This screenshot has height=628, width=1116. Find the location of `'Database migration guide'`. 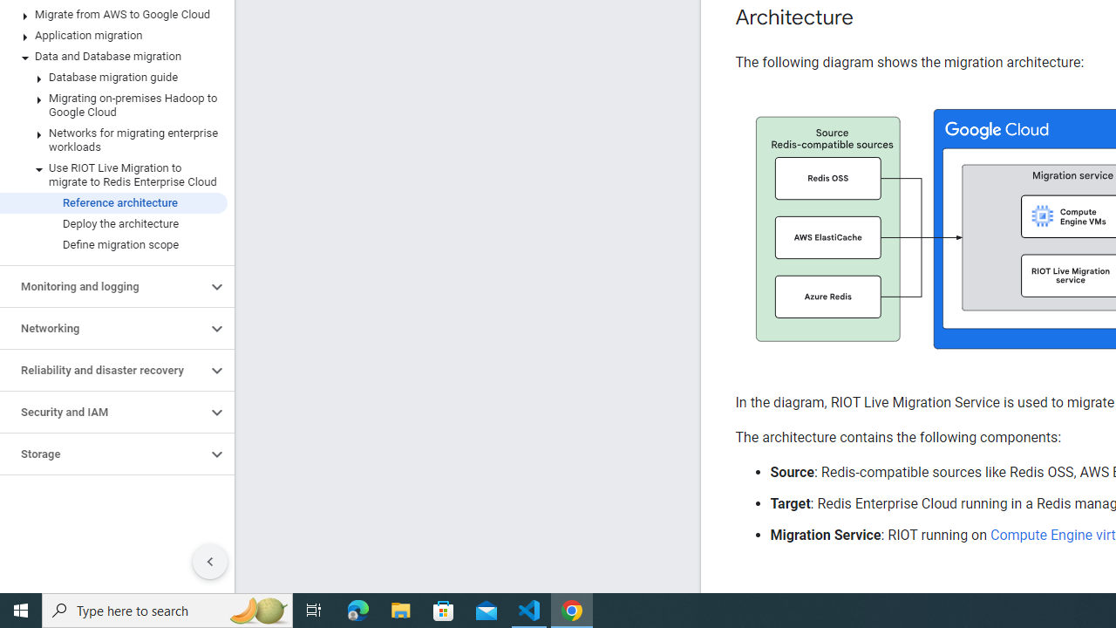

'Database migration guide' is located at coordinates (112, 76).